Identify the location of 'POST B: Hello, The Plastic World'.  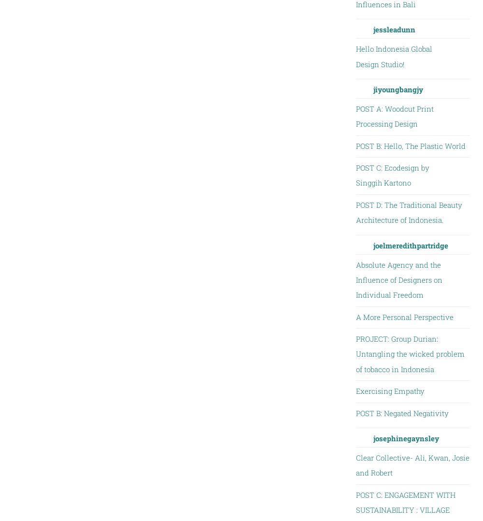
(410, 145).